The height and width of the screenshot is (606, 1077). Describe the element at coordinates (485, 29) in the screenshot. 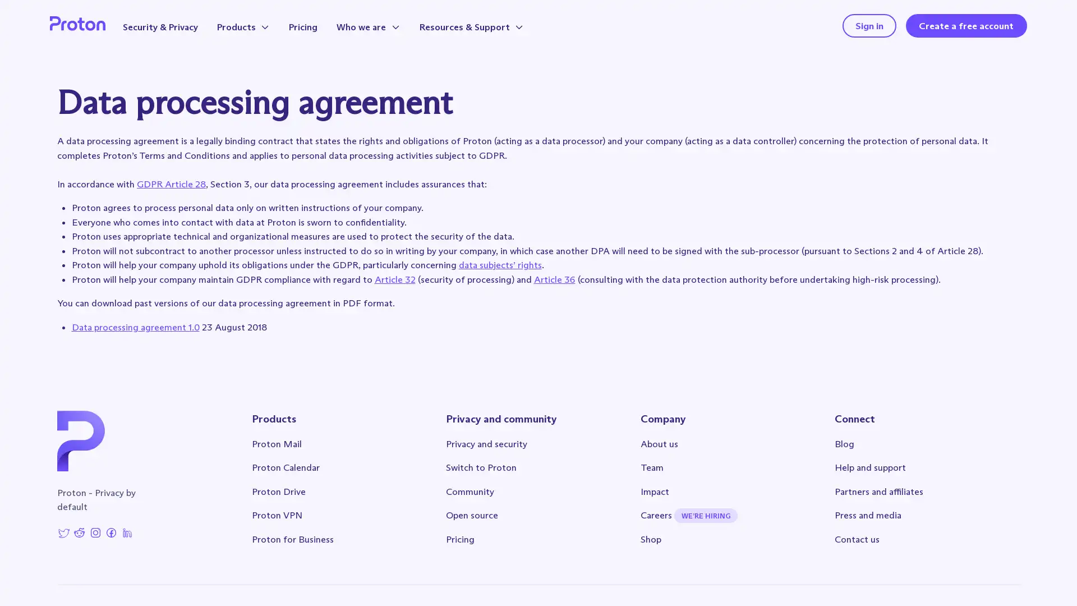

I see `Resources & Support` at that location.